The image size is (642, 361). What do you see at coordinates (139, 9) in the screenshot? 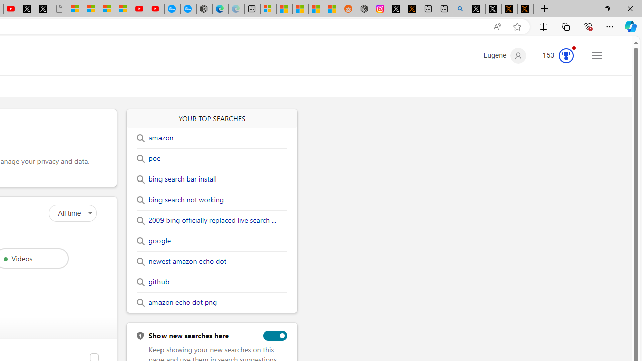
I see `'Gloom - YouTube'` at bounding box center [139, 9].